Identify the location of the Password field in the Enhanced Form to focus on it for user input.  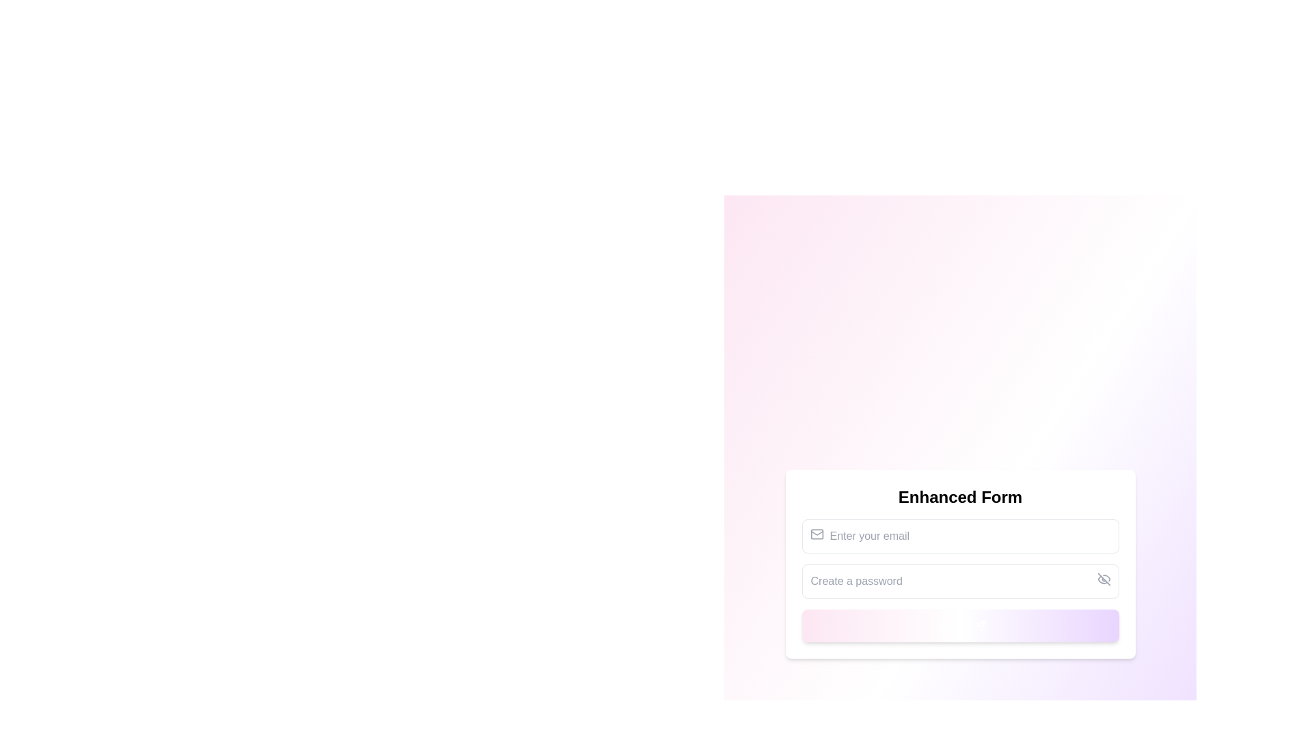
(959, 580).